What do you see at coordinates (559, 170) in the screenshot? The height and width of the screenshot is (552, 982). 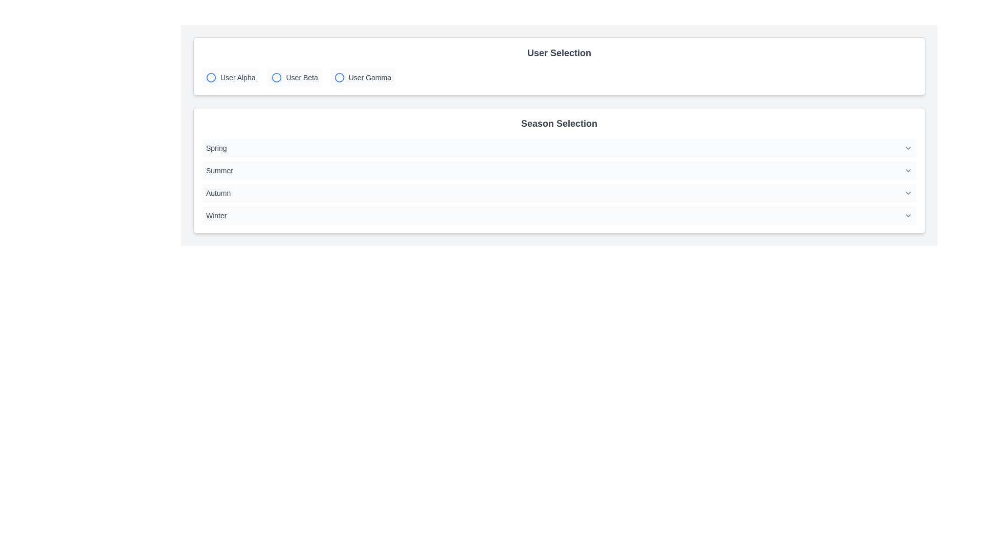 I see `the second item labeled 'Summer' in the vertically stacked list of seasons` at bounding box center [559, 170].